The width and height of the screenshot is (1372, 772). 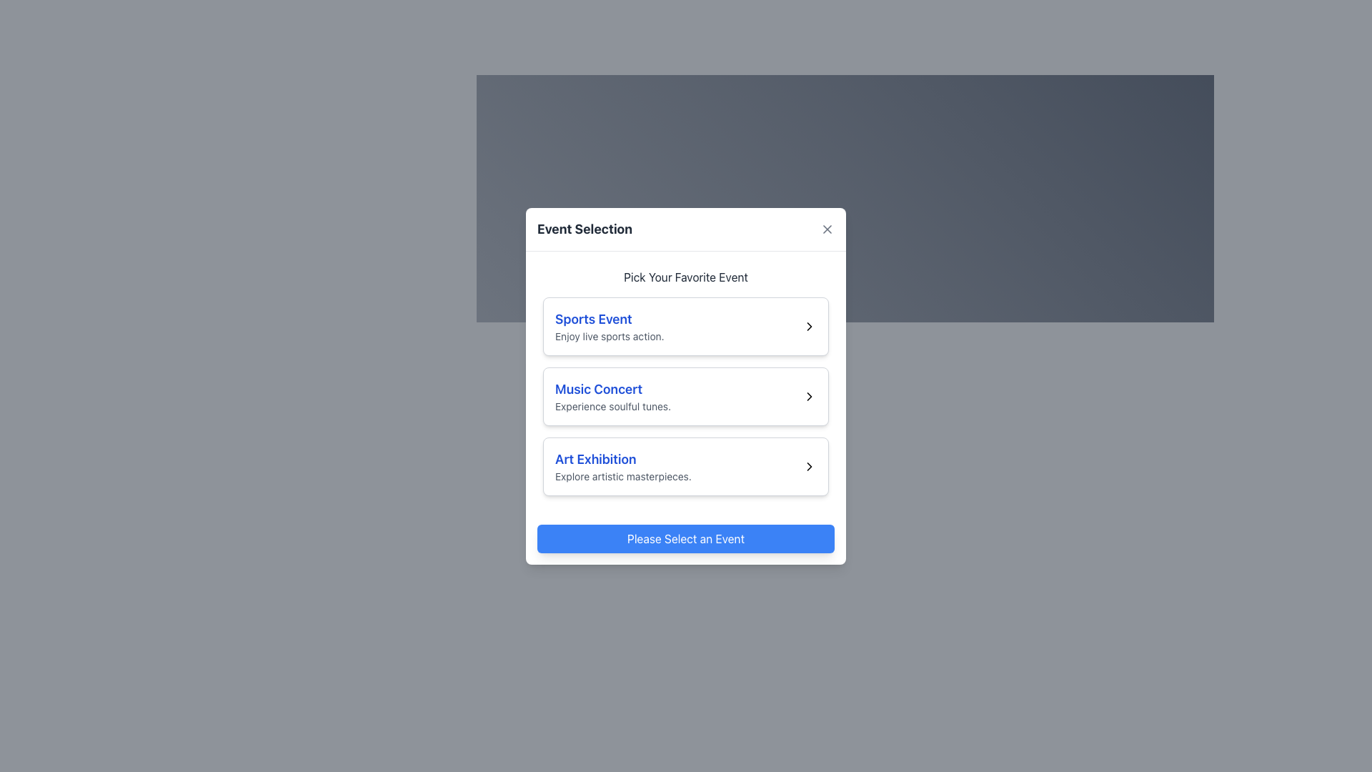 What do you see at coordinates (613, 389) in the screenshot?
I see `the Text Label that serves as the title for the event section within the modal dialog, located under the 'Event Selection' header and above 'Art Exhibition'` at bounding box center [613, 389].